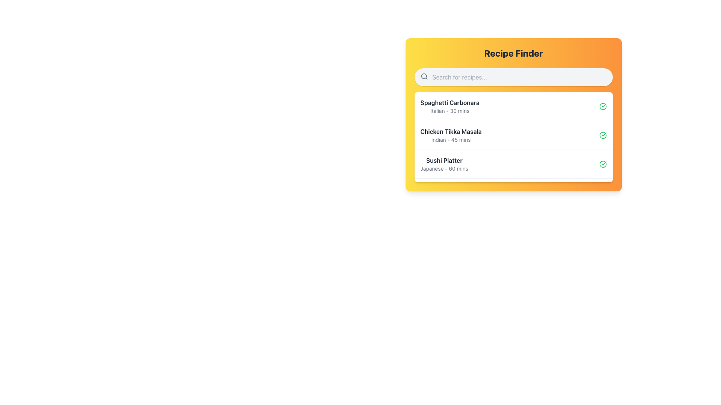 The height and width of the screenshot is (405, 721). I want to click on the magnifying glass icon, which is a circular search indicator with a diagonal handle, located on the leftmost side of the input field within the search bar, so click(424, 76).